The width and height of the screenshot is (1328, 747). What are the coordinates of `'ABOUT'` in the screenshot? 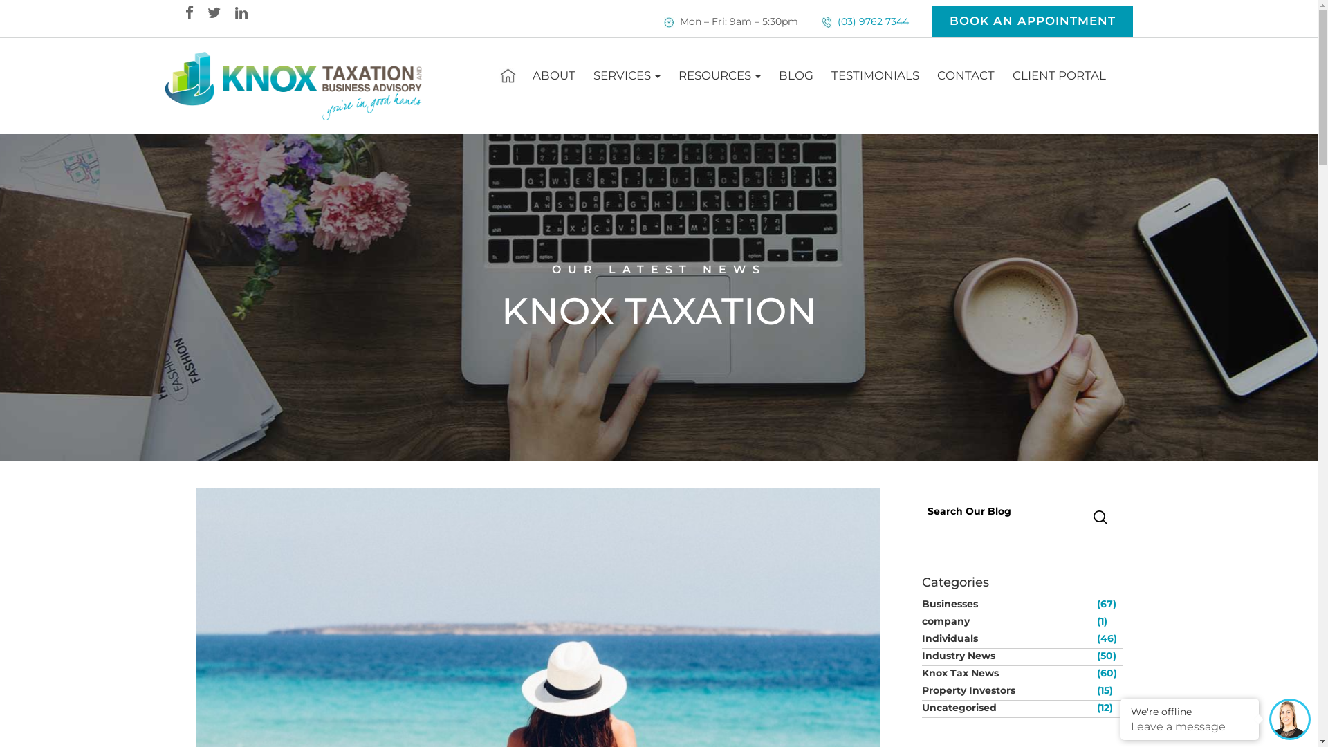 It's located at (554, 75).